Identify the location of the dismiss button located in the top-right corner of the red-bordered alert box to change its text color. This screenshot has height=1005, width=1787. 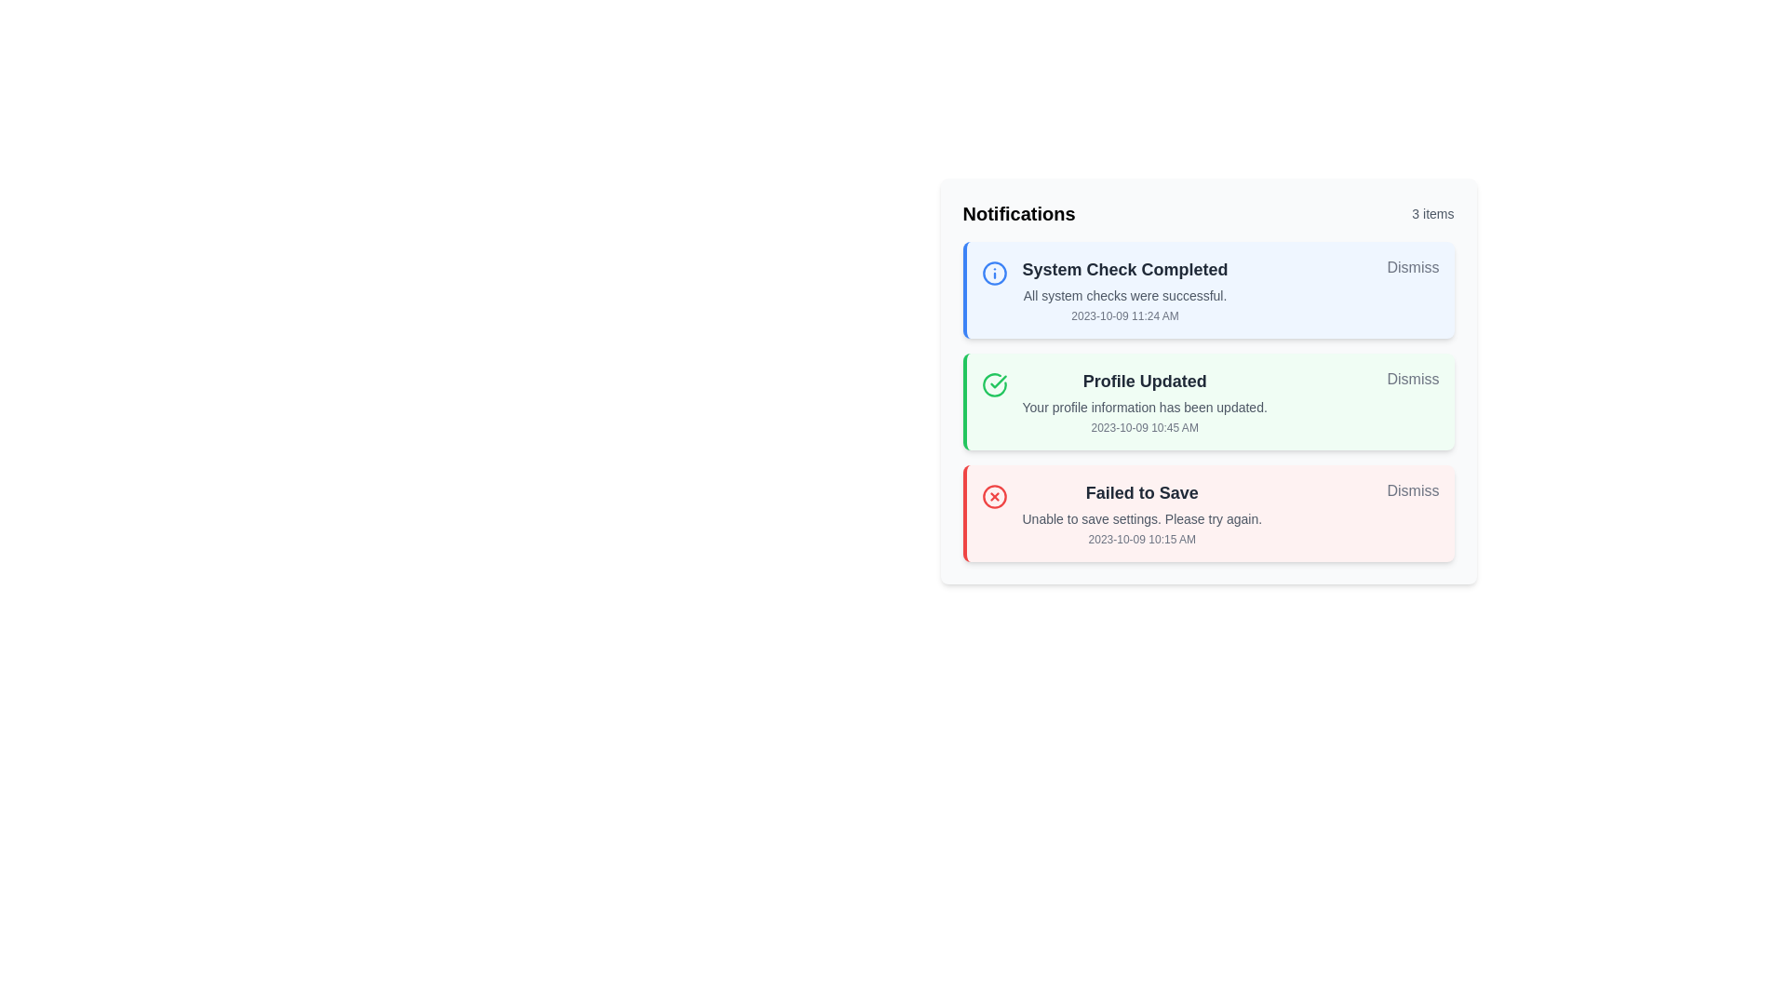
(1413, 490).